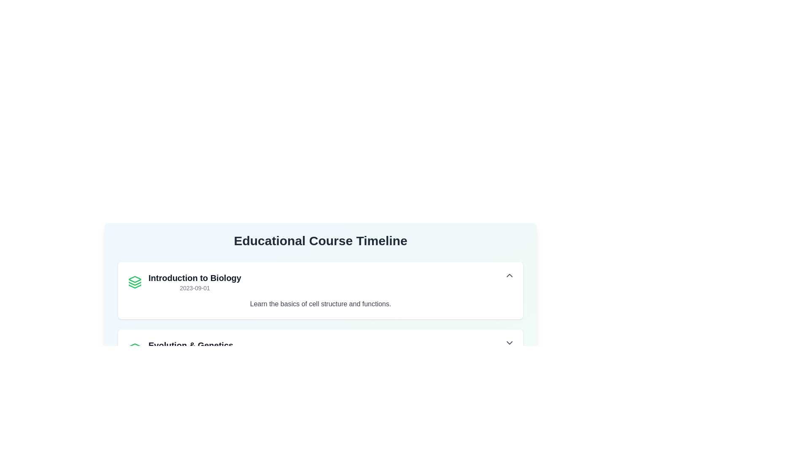  I want to click on text displayed in the Text Content Block element titled 'Introduction to Biology' with the date '2023-09-01', located to the right of a green layered icon in the 'Educational Course Timeline' section, so click(194, 282).